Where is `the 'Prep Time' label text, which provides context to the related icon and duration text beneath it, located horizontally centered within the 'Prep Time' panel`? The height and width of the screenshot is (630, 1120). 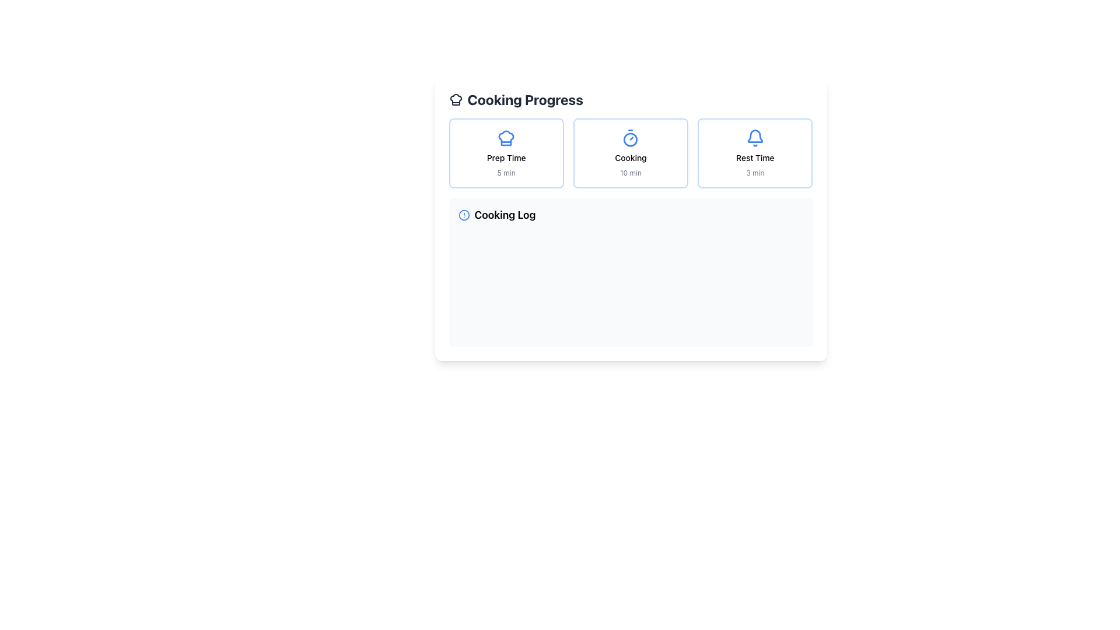 the 'Prep Time' label text, which provides context to the related icon and duration text beneath it, located horizontally centered within the 'Prep Time' panel is located at coordinates (506, 157).